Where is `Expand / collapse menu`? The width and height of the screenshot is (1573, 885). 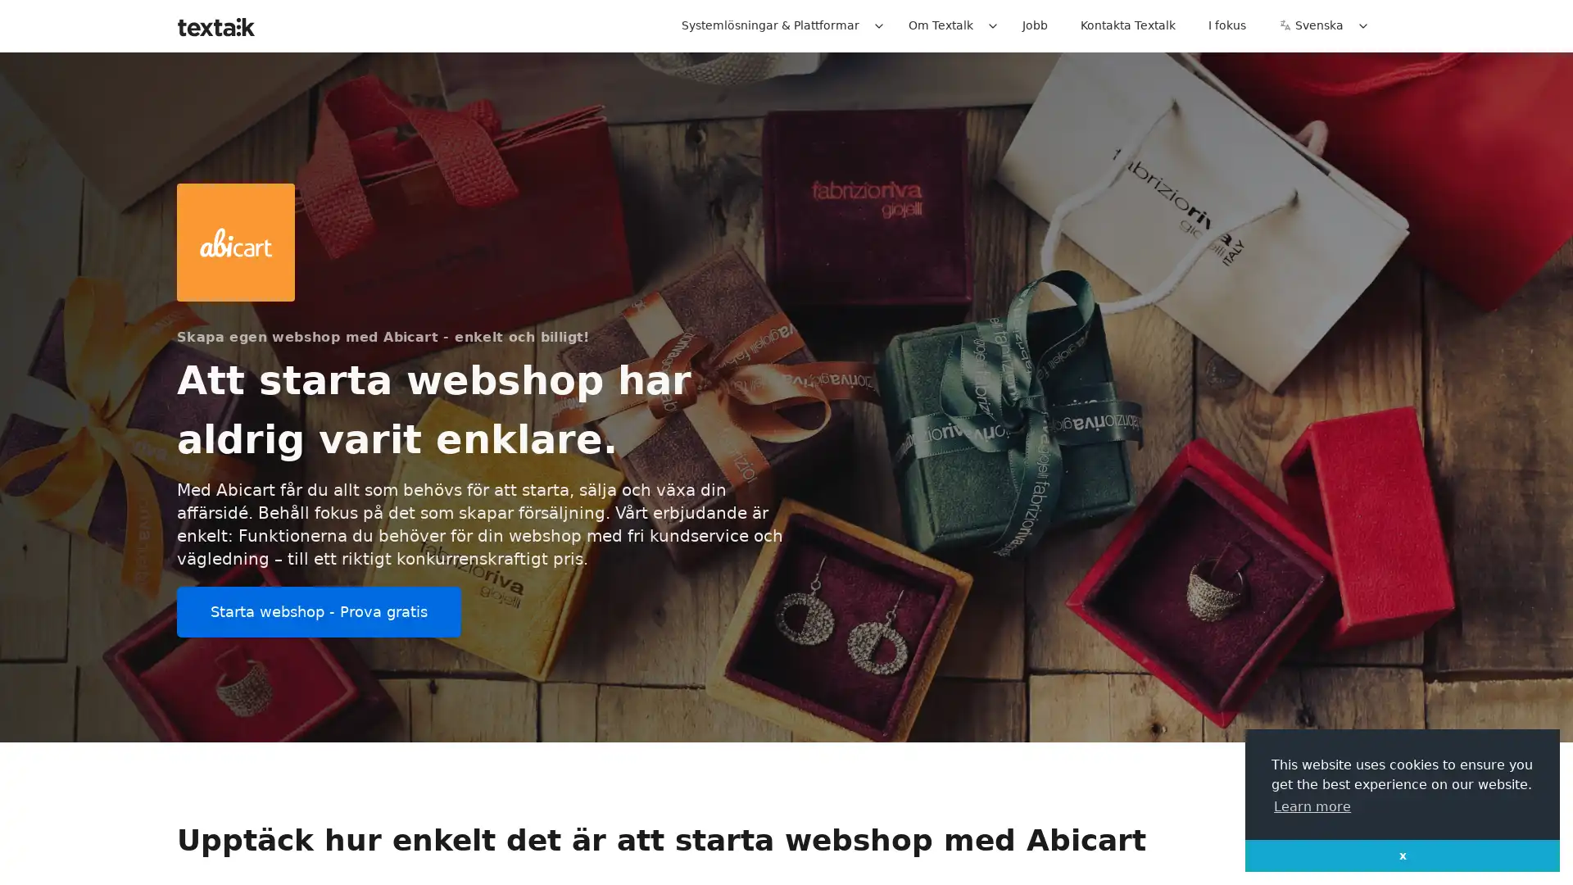
Expand / collapse menu is located at coordinates (876, 25).